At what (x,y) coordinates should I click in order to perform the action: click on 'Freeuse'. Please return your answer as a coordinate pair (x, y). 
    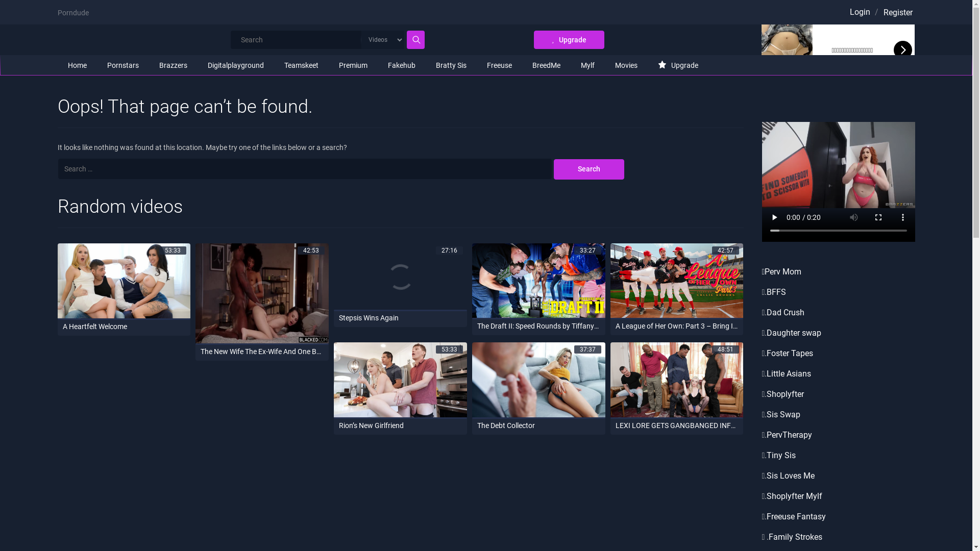
    Looking at the image, I should click on (499, 65).